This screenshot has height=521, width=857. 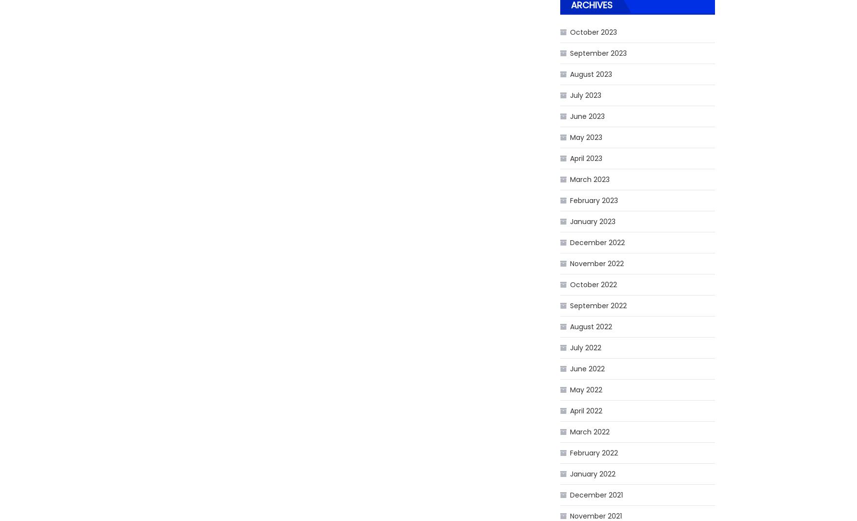 I want to click on 'October 2023', so click(x=569, y=32).